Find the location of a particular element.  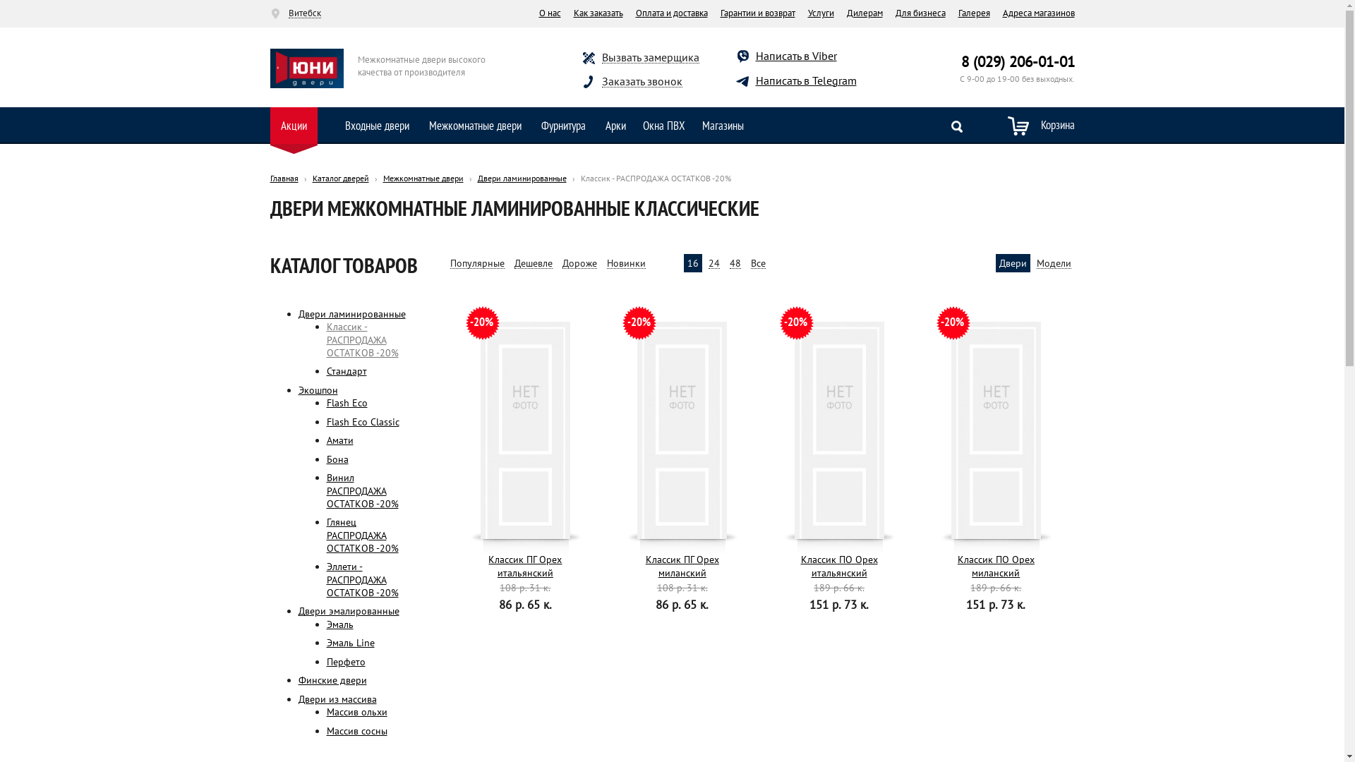

'-20%' is located at coordinates (995, 429).